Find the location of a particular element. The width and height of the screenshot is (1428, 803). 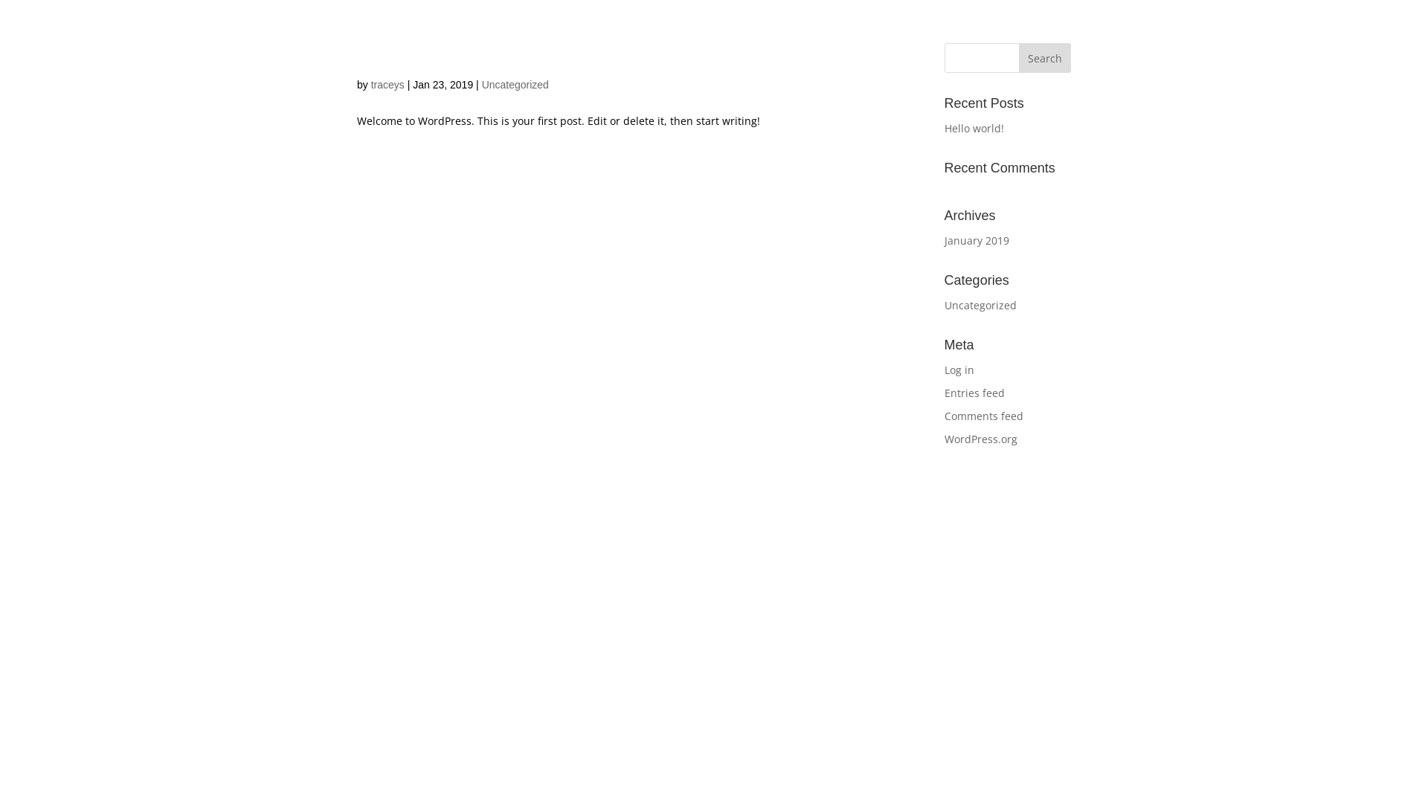

'Comments feed' is located at coordinates (984, 416).